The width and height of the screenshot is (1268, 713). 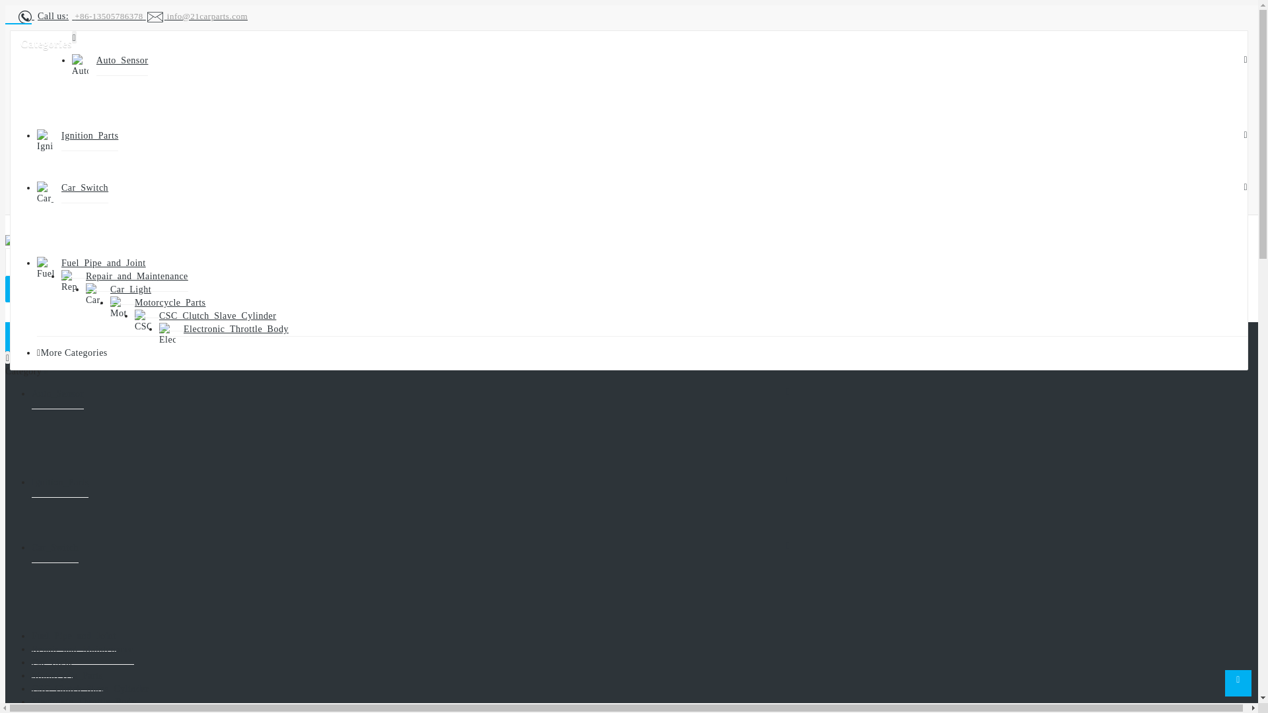 What do you see at coordinates (85, 276) in the screenshot?
I see `'Repair_And_Maintenance'` at bounding box center [85, 276].